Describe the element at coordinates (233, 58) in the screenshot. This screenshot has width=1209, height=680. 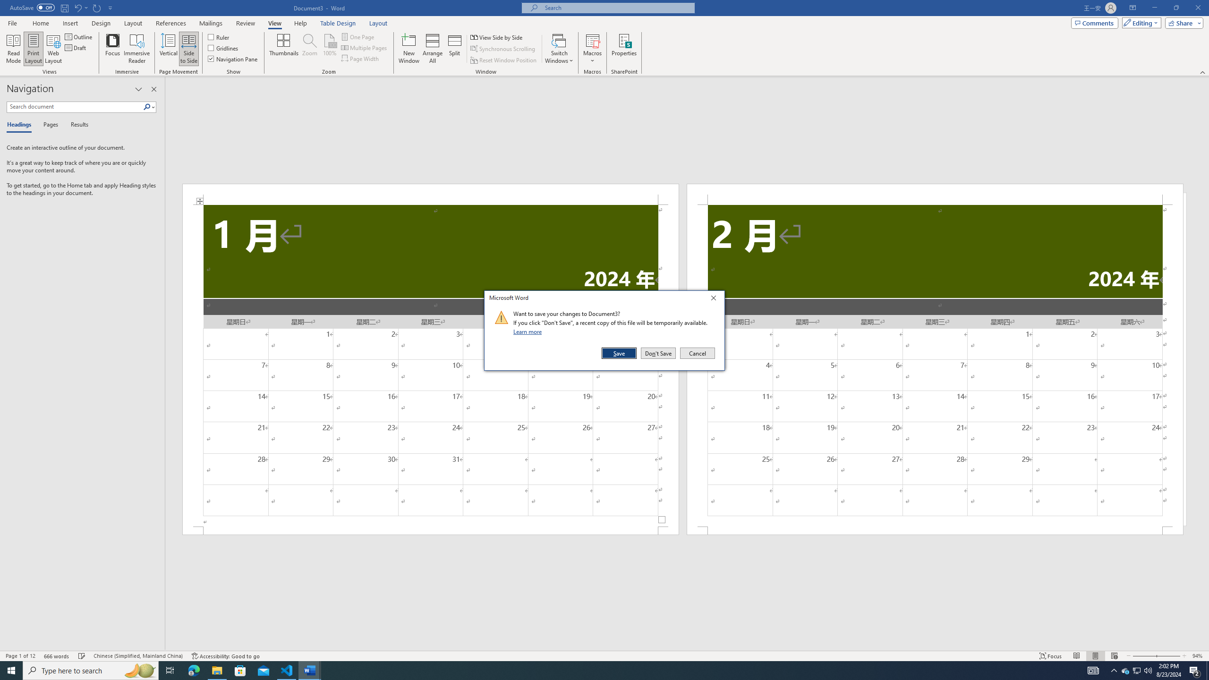
I see `'Navigation Pane'` at that location.